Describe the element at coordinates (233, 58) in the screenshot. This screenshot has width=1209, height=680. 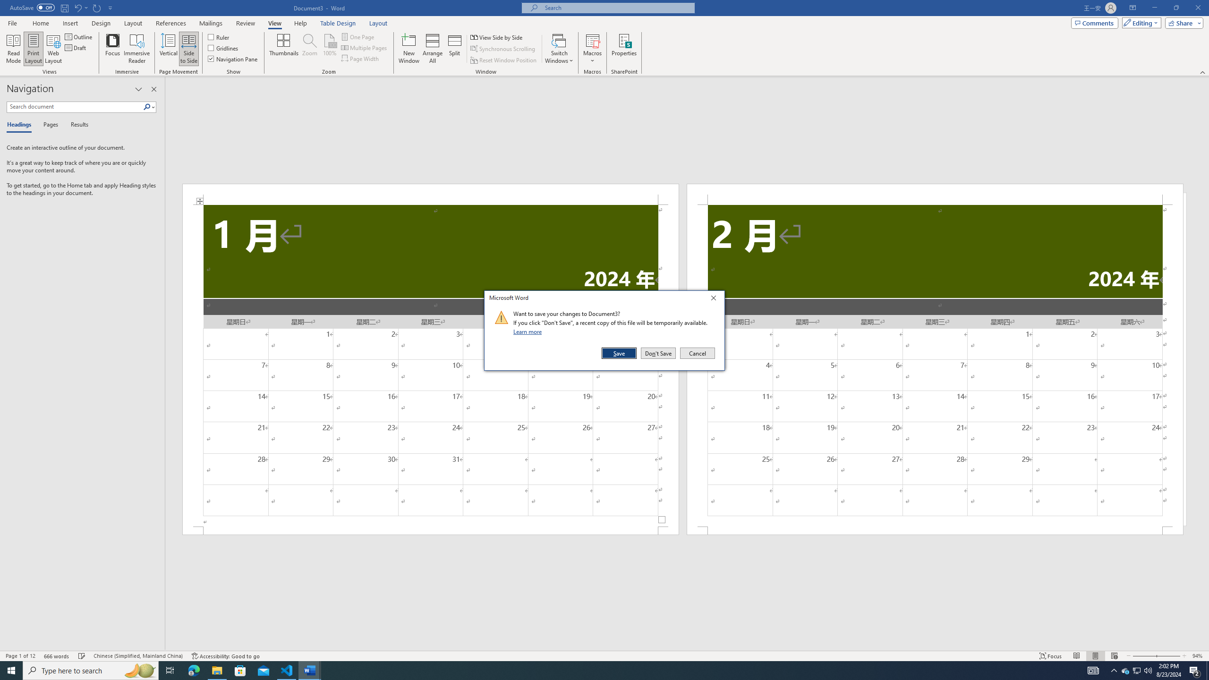
I see `'Navigation Pane'` at that location.